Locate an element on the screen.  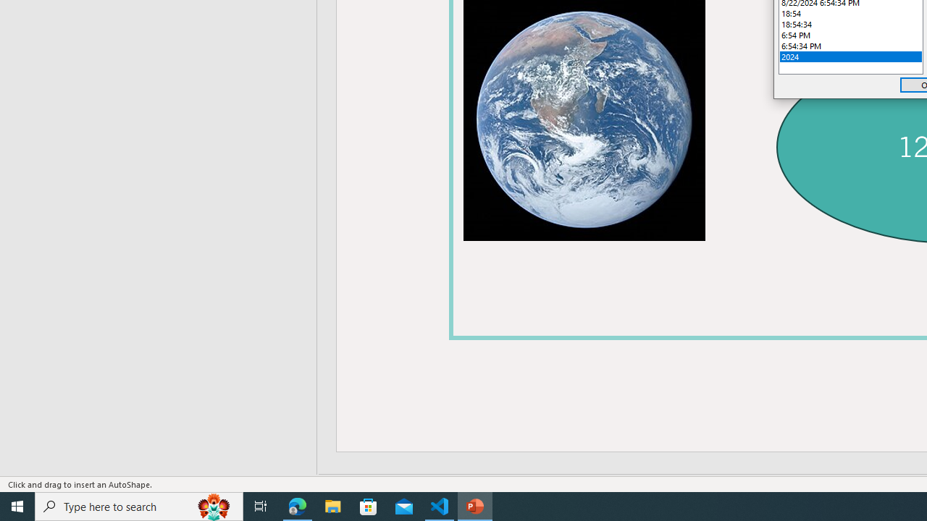
'18:54:34' is located at coordinates (851, 24).